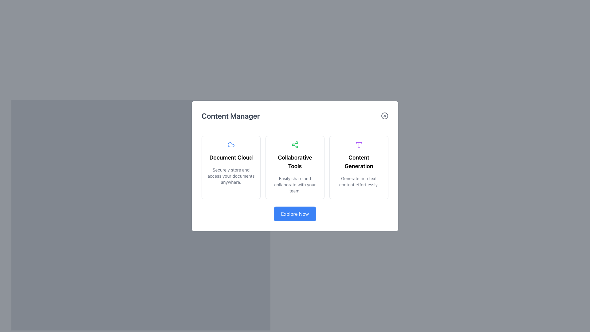 The image size is (590, 332). Describe the element at coordinates (230, 116) in the screenshot. I see `the 'Content Manager' text label, which is a bold, large-sized dark gray label located at the top-left corner of the white card interface` at that location.